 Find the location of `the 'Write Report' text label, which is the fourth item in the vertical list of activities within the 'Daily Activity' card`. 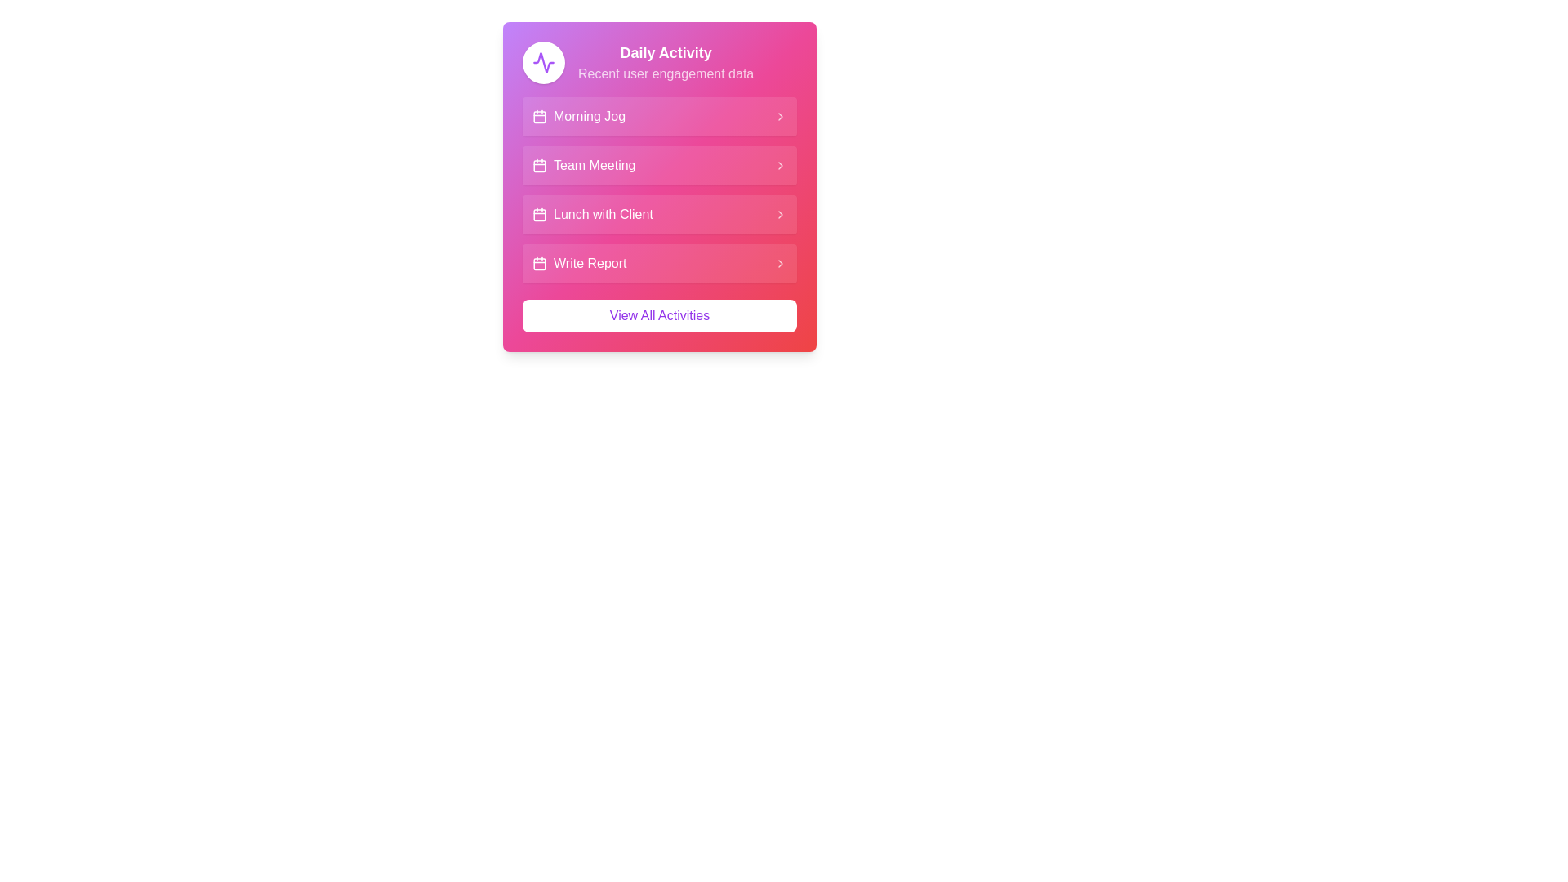

the 'Write Report' text label, which is the fourth item in the vertical list of activities within the 'Daily Activity' card is located at coordinates (589, 263).